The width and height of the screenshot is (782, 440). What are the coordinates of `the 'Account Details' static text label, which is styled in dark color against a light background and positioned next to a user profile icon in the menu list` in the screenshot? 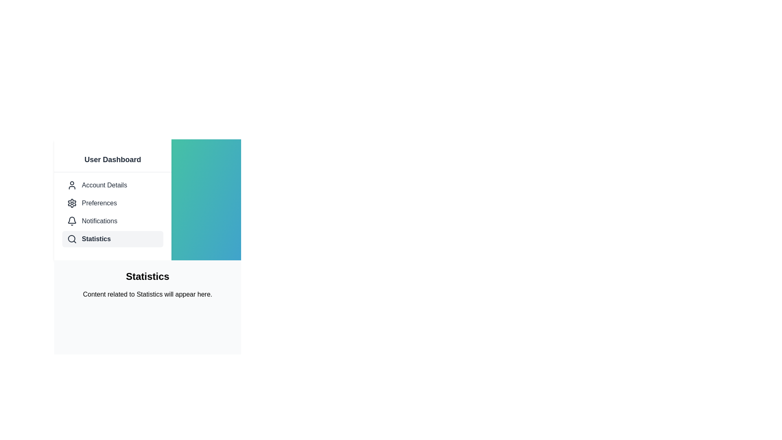 It's located at (104, 185).